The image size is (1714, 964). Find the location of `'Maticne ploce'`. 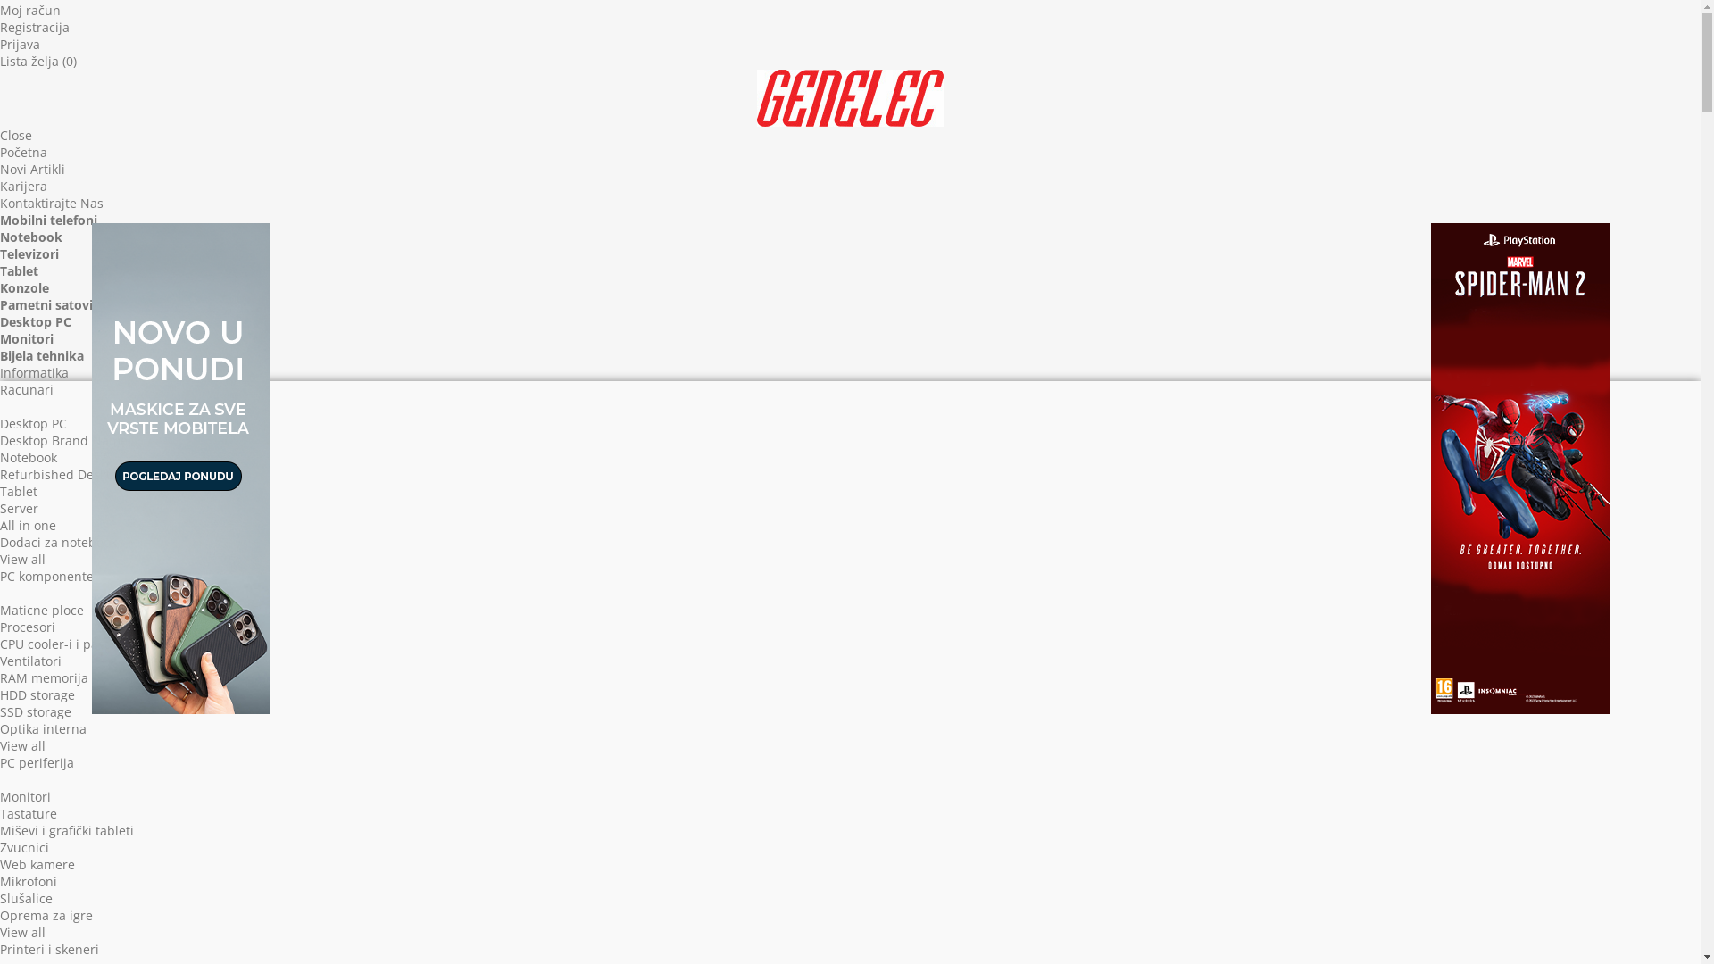

'Maticne ploce' is located at coordinates (0, 609).